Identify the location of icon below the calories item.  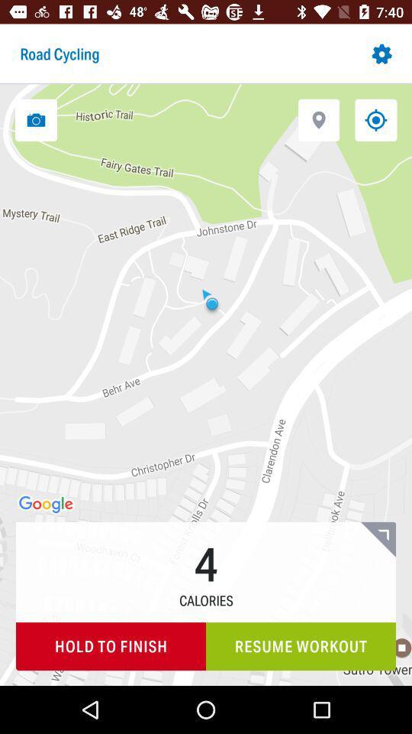
(301, 645).